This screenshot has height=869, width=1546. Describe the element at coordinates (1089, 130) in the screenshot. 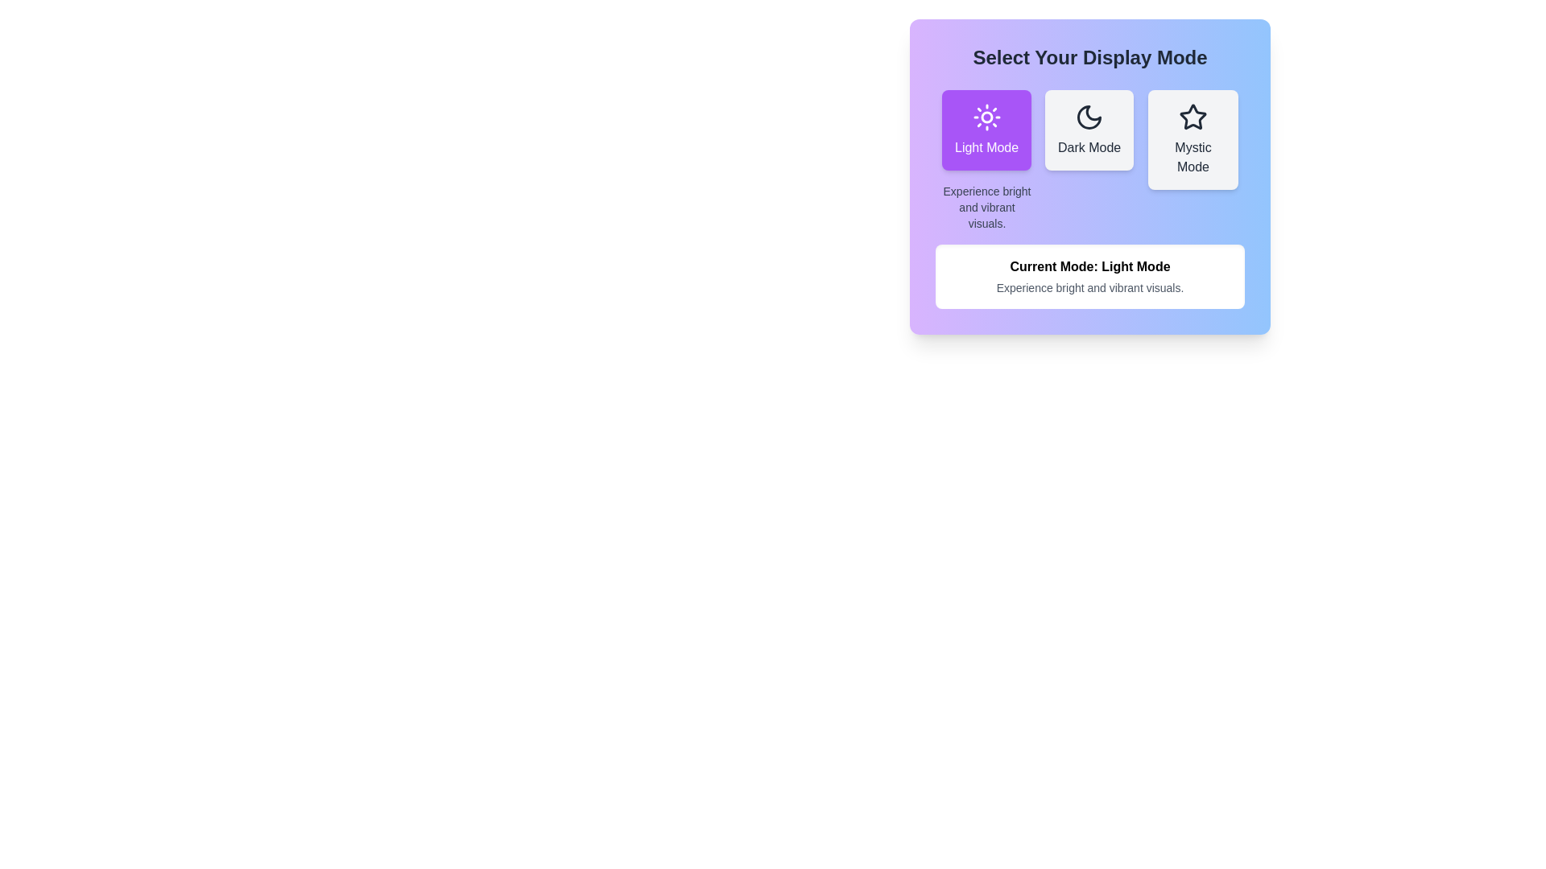

I see `the theme Dark Mode by clicking the corresponding button` at that location.